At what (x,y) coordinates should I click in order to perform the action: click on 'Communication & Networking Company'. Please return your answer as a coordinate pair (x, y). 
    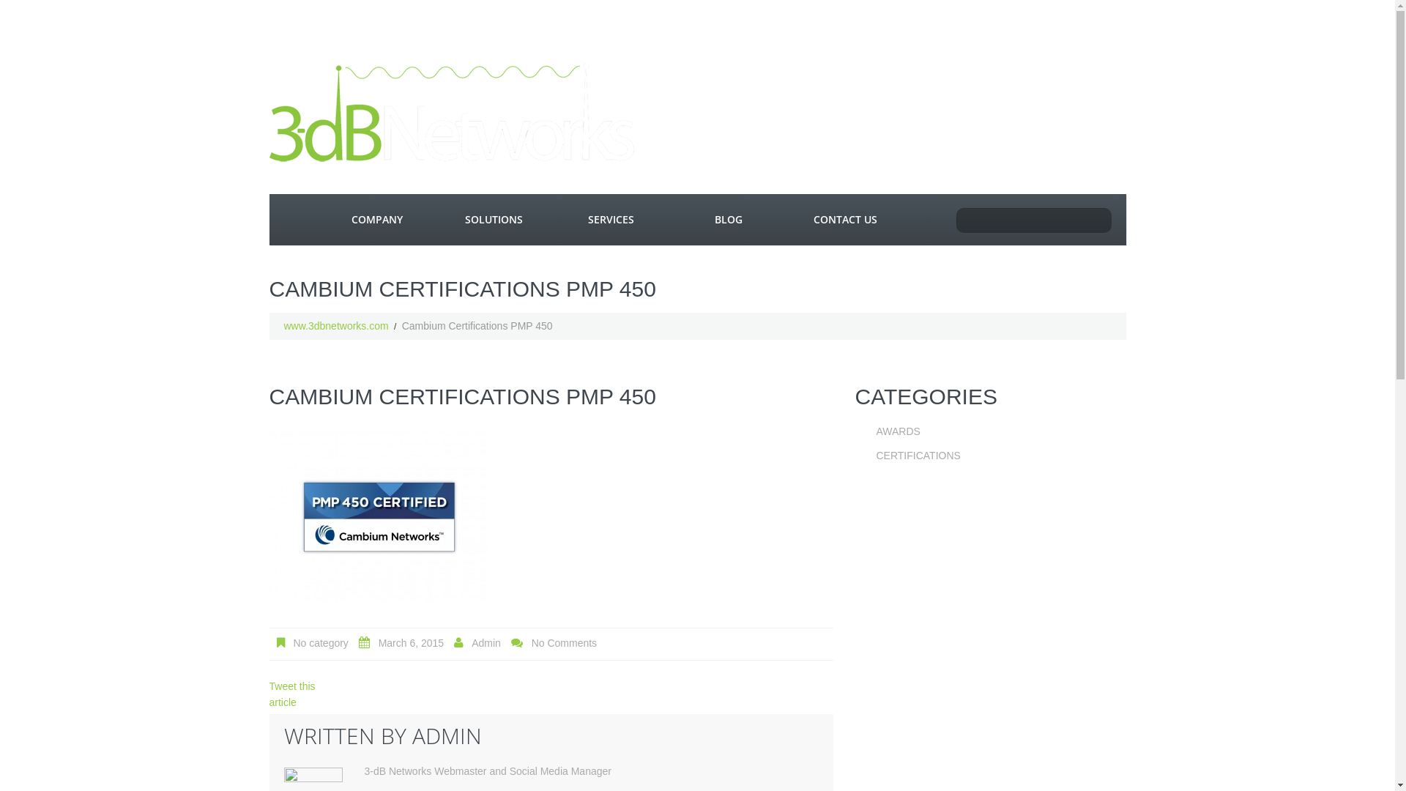
    Looking at the image, I should click on (452, 112).